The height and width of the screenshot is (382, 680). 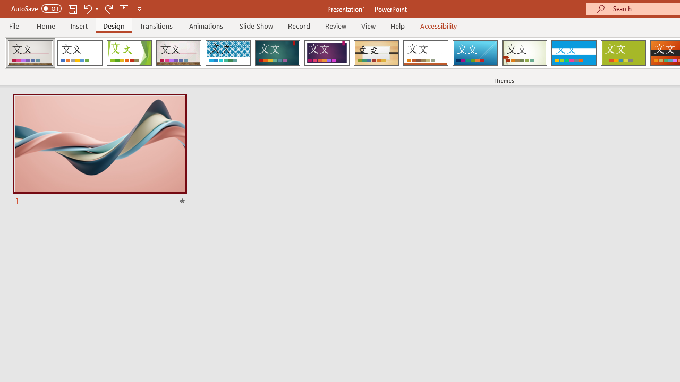 What do you see at coordinates (524, 53) in the screenshot?
I see `'Wisp'` at bounding box center [524, 53].